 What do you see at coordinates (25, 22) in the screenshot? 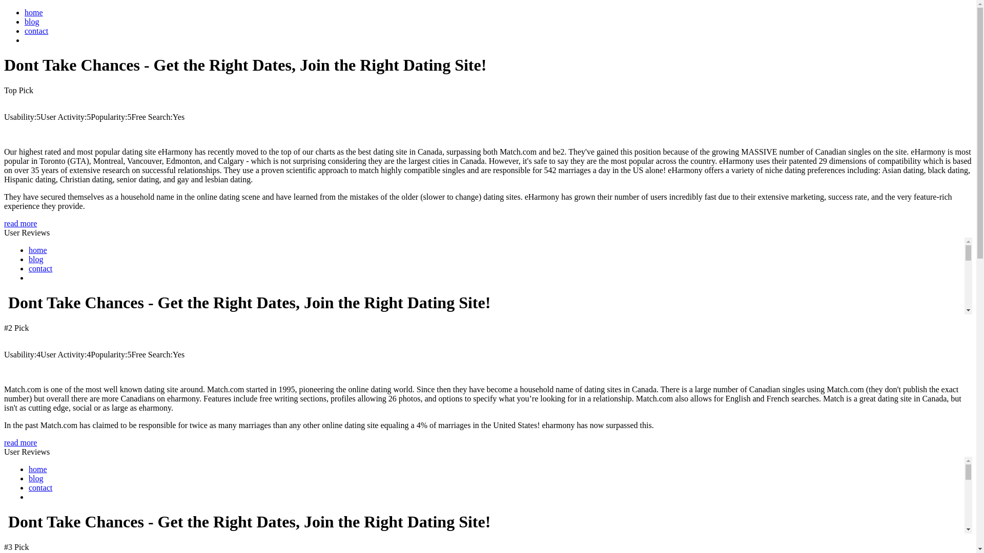
I see `'blog'` at bounding box center [25, 22].